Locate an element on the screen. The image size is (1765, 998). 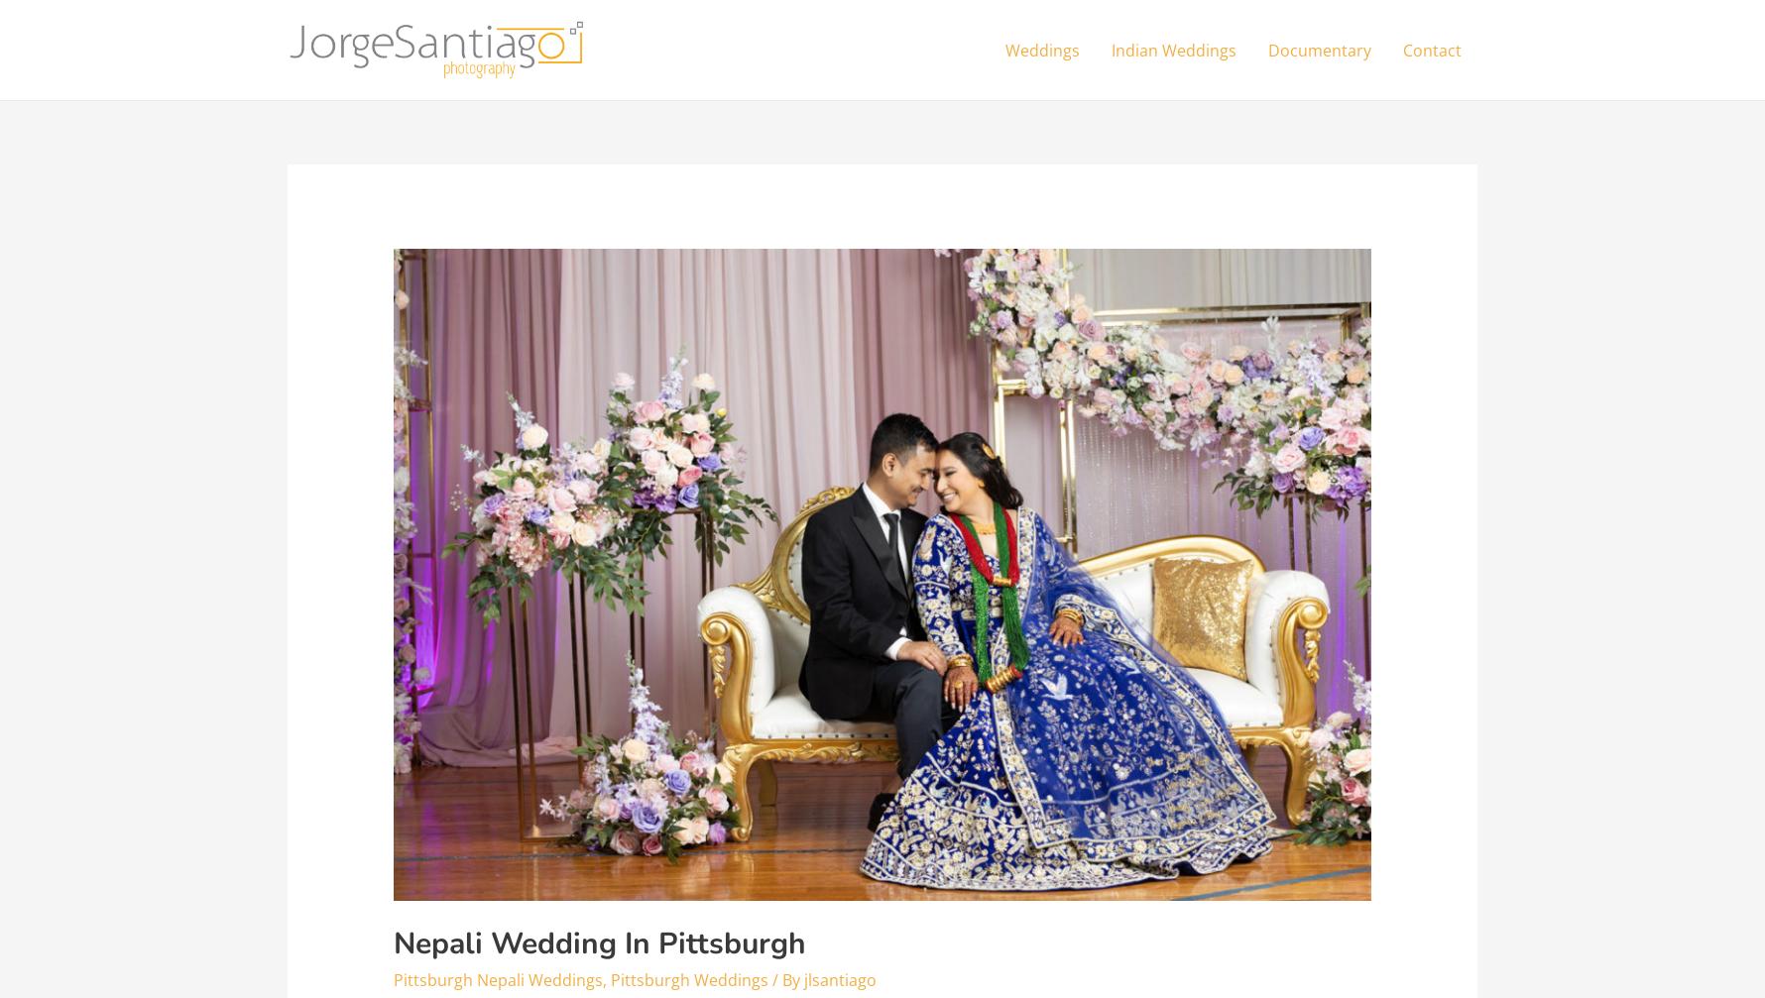
'Documentary' is located at coordinates (1319, 50).